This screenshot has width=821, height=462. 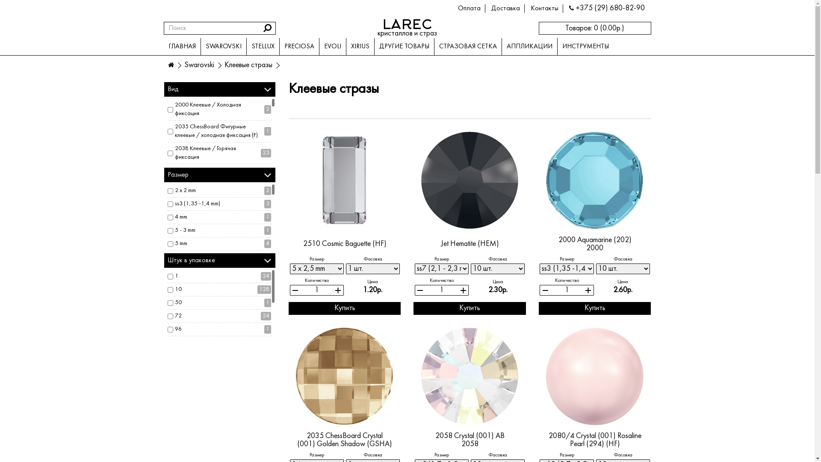 What do you see at coordinates (345, 440) in the screenshot?
I see `'2035 ChessBoard Crystal (001) Golden Shadow (GSHA)'` at bounding box center [345, 440].